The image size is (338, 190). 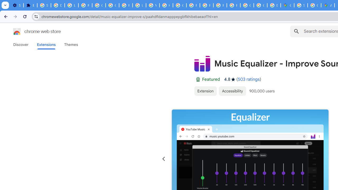 What do you see at coordinates (15, 16) in the screenshot?
I see `'Forward'` at bounding box center [15, 16].